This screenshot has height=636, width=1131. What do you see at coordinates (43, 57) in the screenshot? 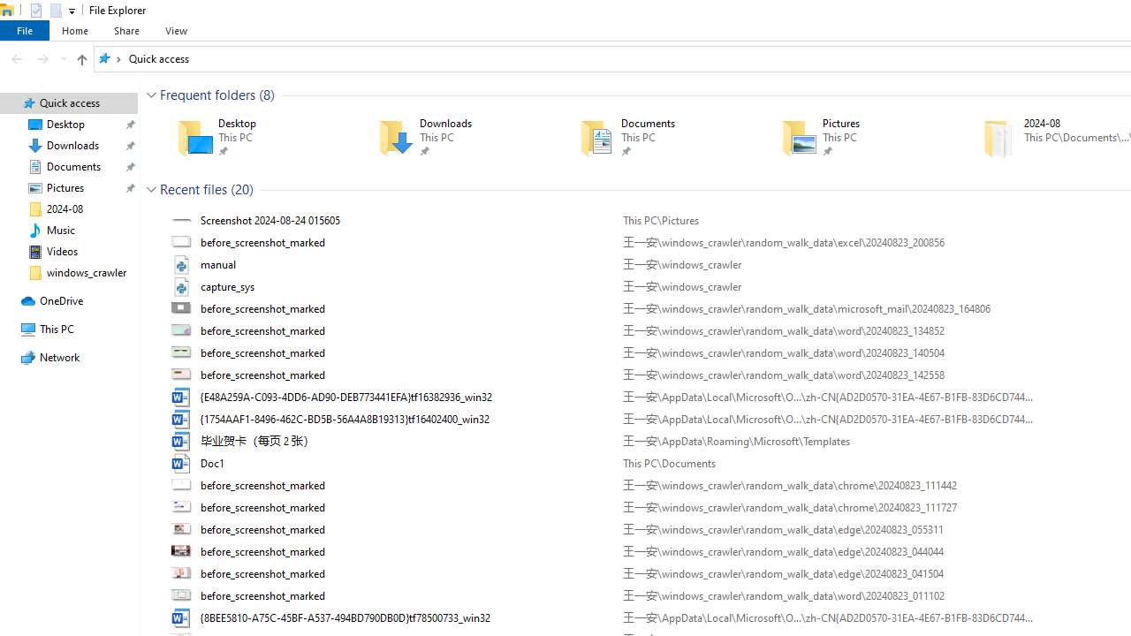
I see `'Forward (Alt + Right Arrow)'` at bounding box center [43, 57].